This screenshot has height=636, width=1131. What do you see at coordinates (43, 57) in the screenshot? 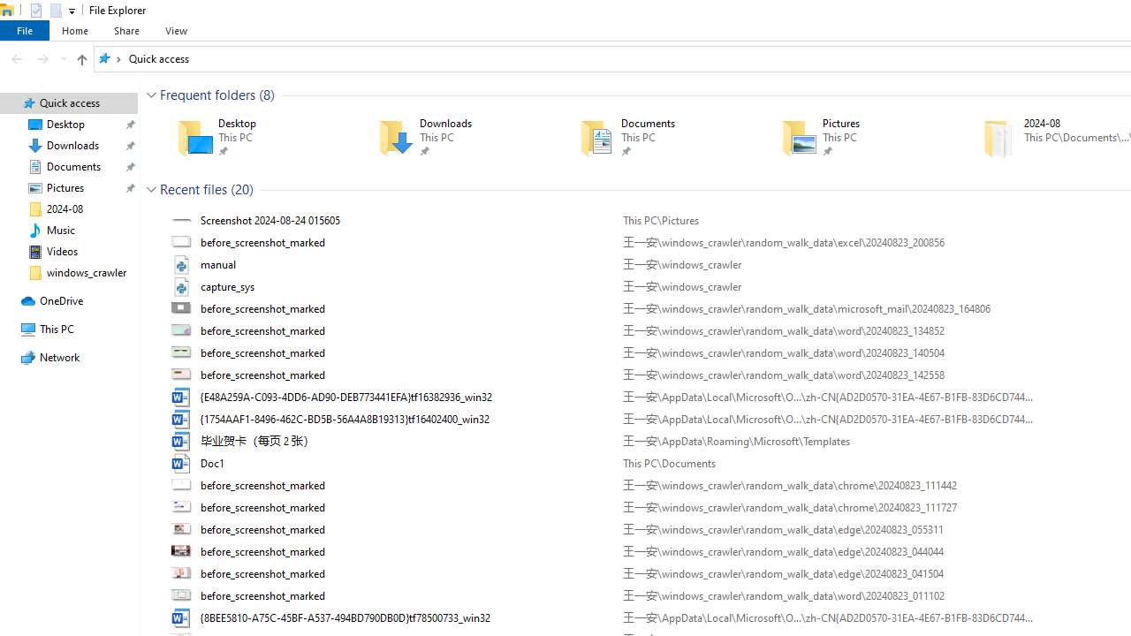
I see `'Forward (Alt + Right Arrow)'` at bounding box center [43, 57].